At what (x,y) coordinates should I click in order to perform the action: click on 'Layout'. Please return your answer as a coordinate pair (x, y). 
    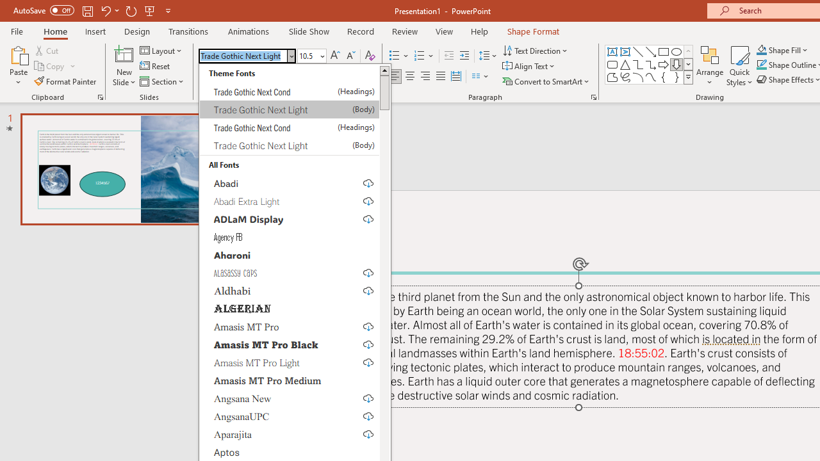
    Looking at the image, I should click on (161, 50).